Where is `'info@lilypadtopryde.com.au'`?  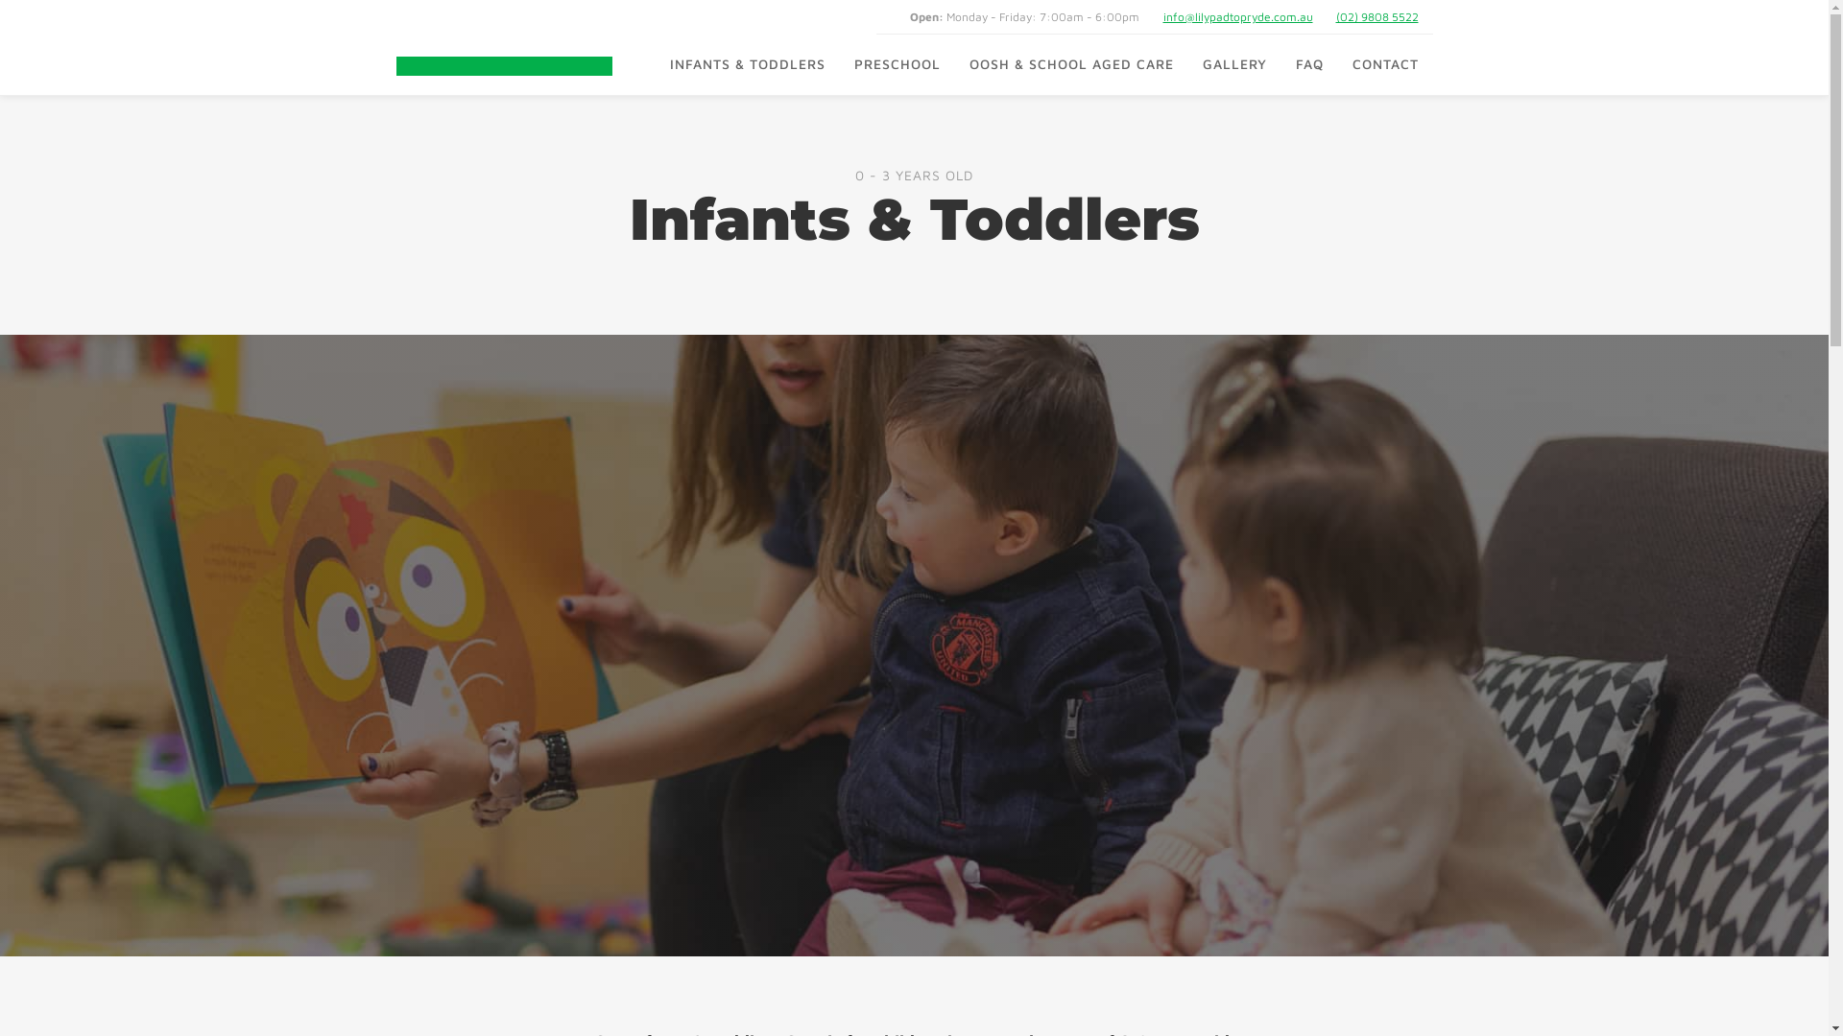
'info@lilypadtopryde.com.au' is located at coordinates (1238, 16).